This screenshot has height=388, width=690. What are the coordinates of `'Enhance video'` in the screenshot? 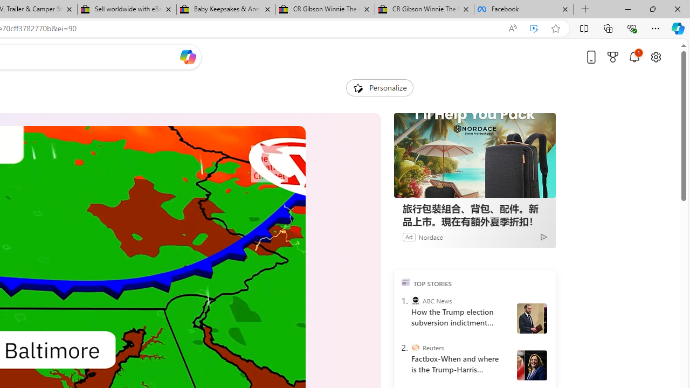 It's located at (534, 28).